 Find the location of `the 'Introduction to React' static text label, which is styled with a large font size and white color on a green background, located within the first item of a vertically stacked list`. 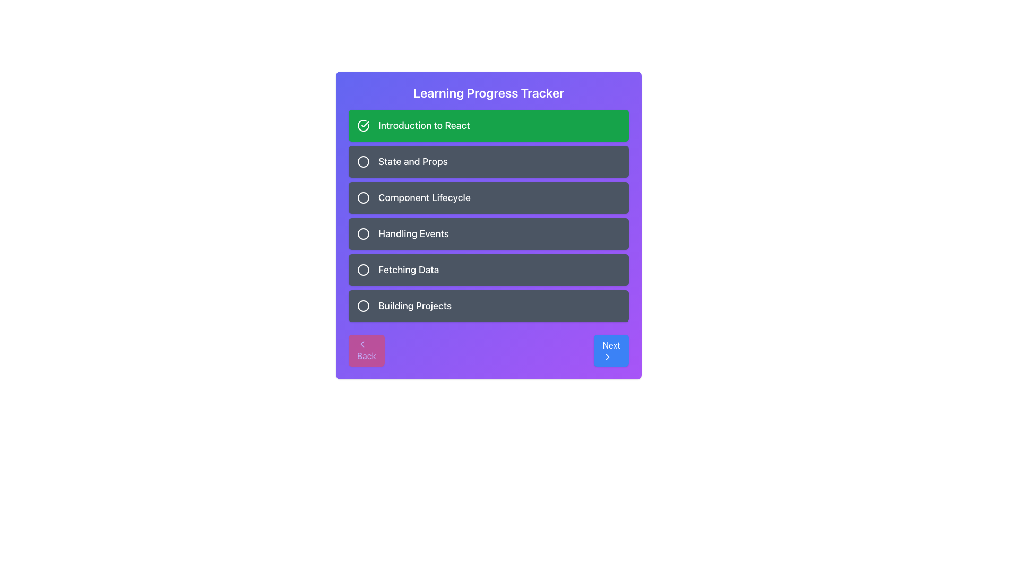

the 'Introduction to React' static text label, which is styled with a large font size and white color on a green background, located within the first item of a vertically stacked list is located at coordinates (424, 125).